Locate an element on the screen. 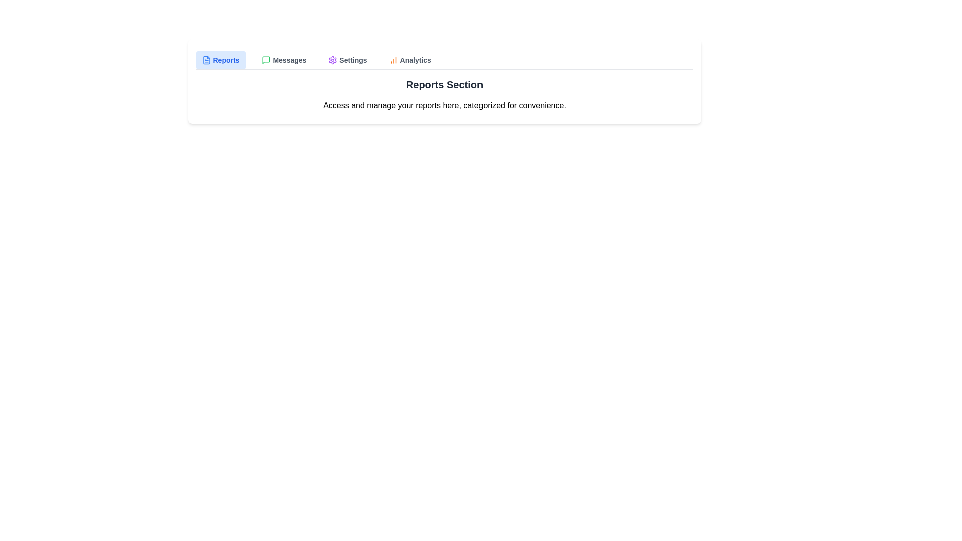 Image resolution: width=962 pixels, height=541 pixels. the 'Reports' button with a blue background and white text in the horizontal menu bar to receive additional feedback is located at coordinates (220, 60).